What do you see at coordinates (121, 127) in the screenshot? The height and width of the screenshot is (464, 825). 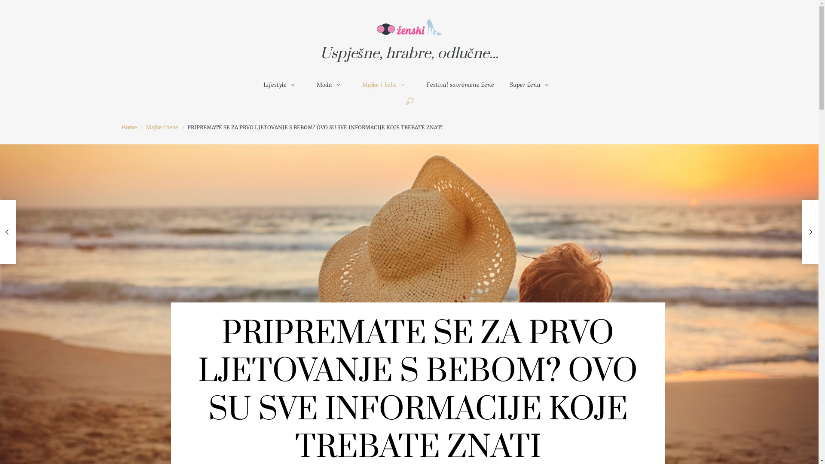 I see `'Home'` at bounding box center [121, 127].